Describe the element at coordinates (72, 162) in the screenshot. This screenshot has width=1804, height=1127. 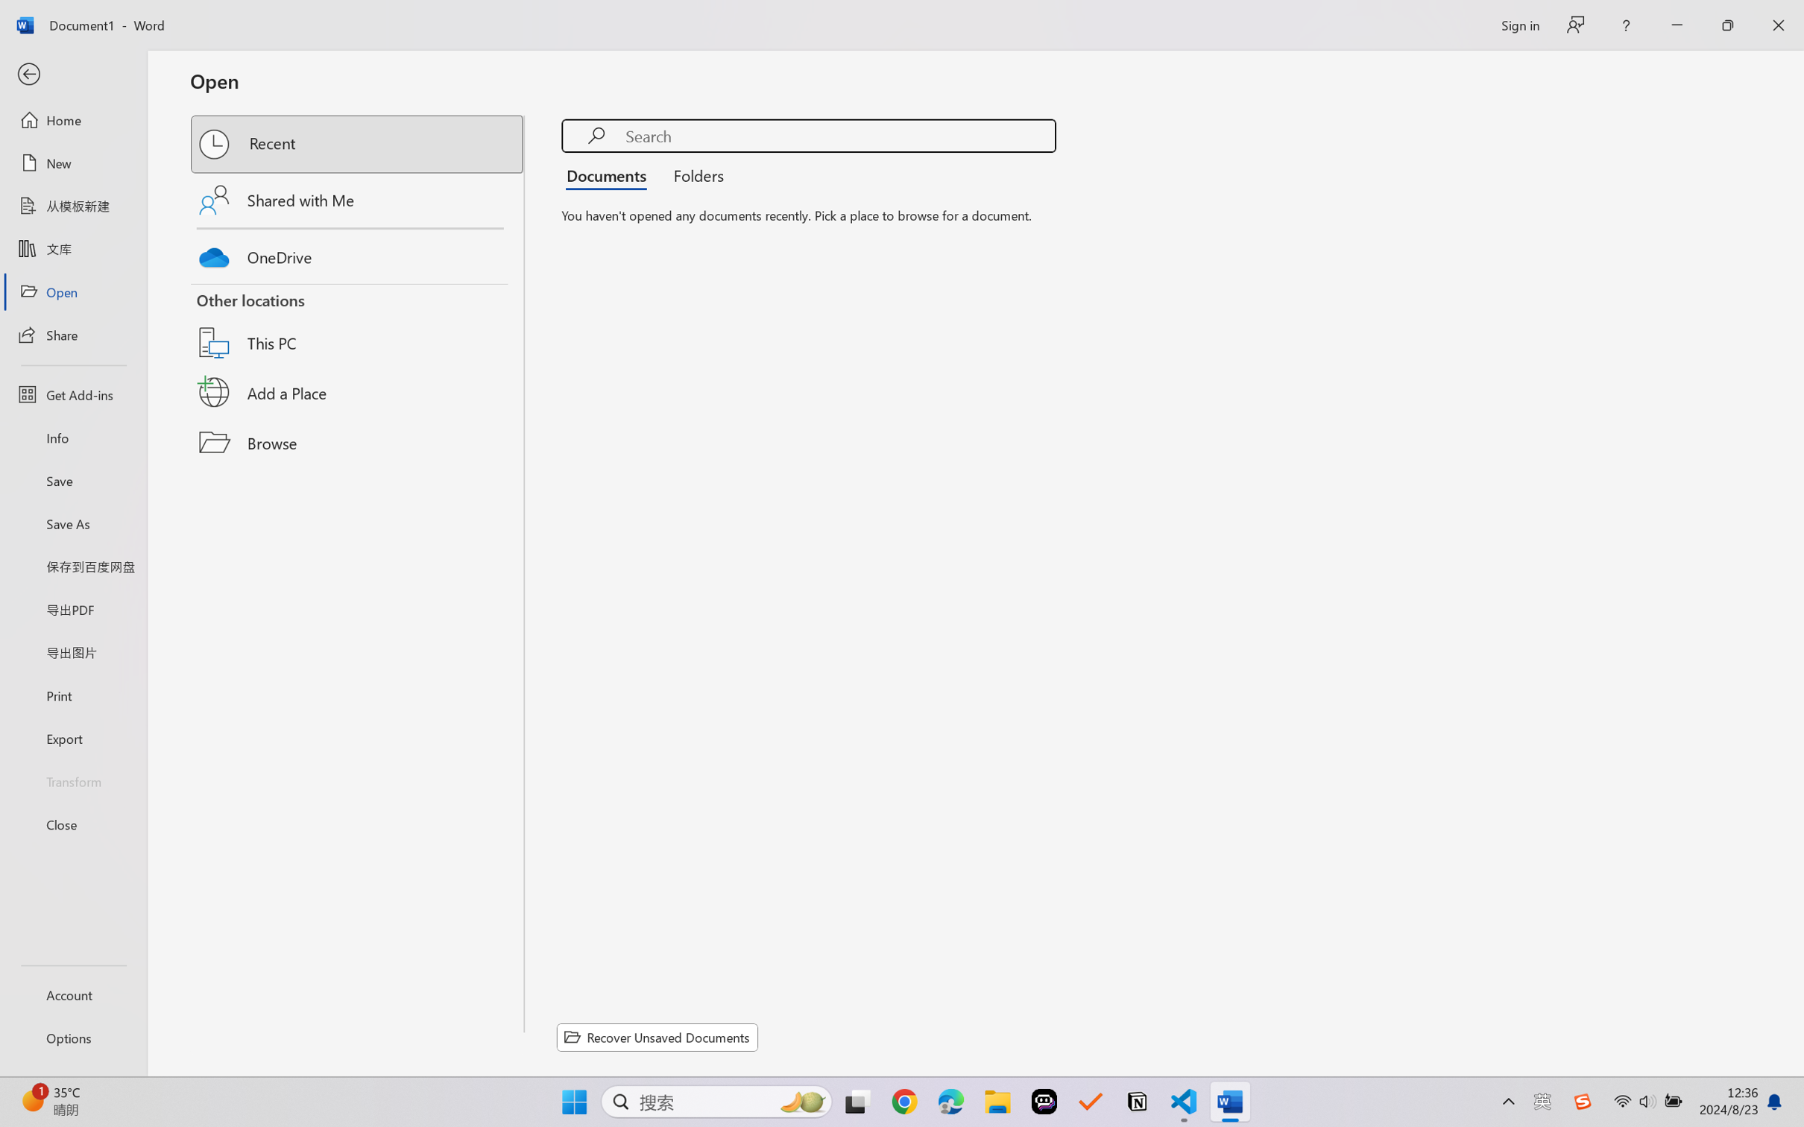
I see `'New'` at that location.